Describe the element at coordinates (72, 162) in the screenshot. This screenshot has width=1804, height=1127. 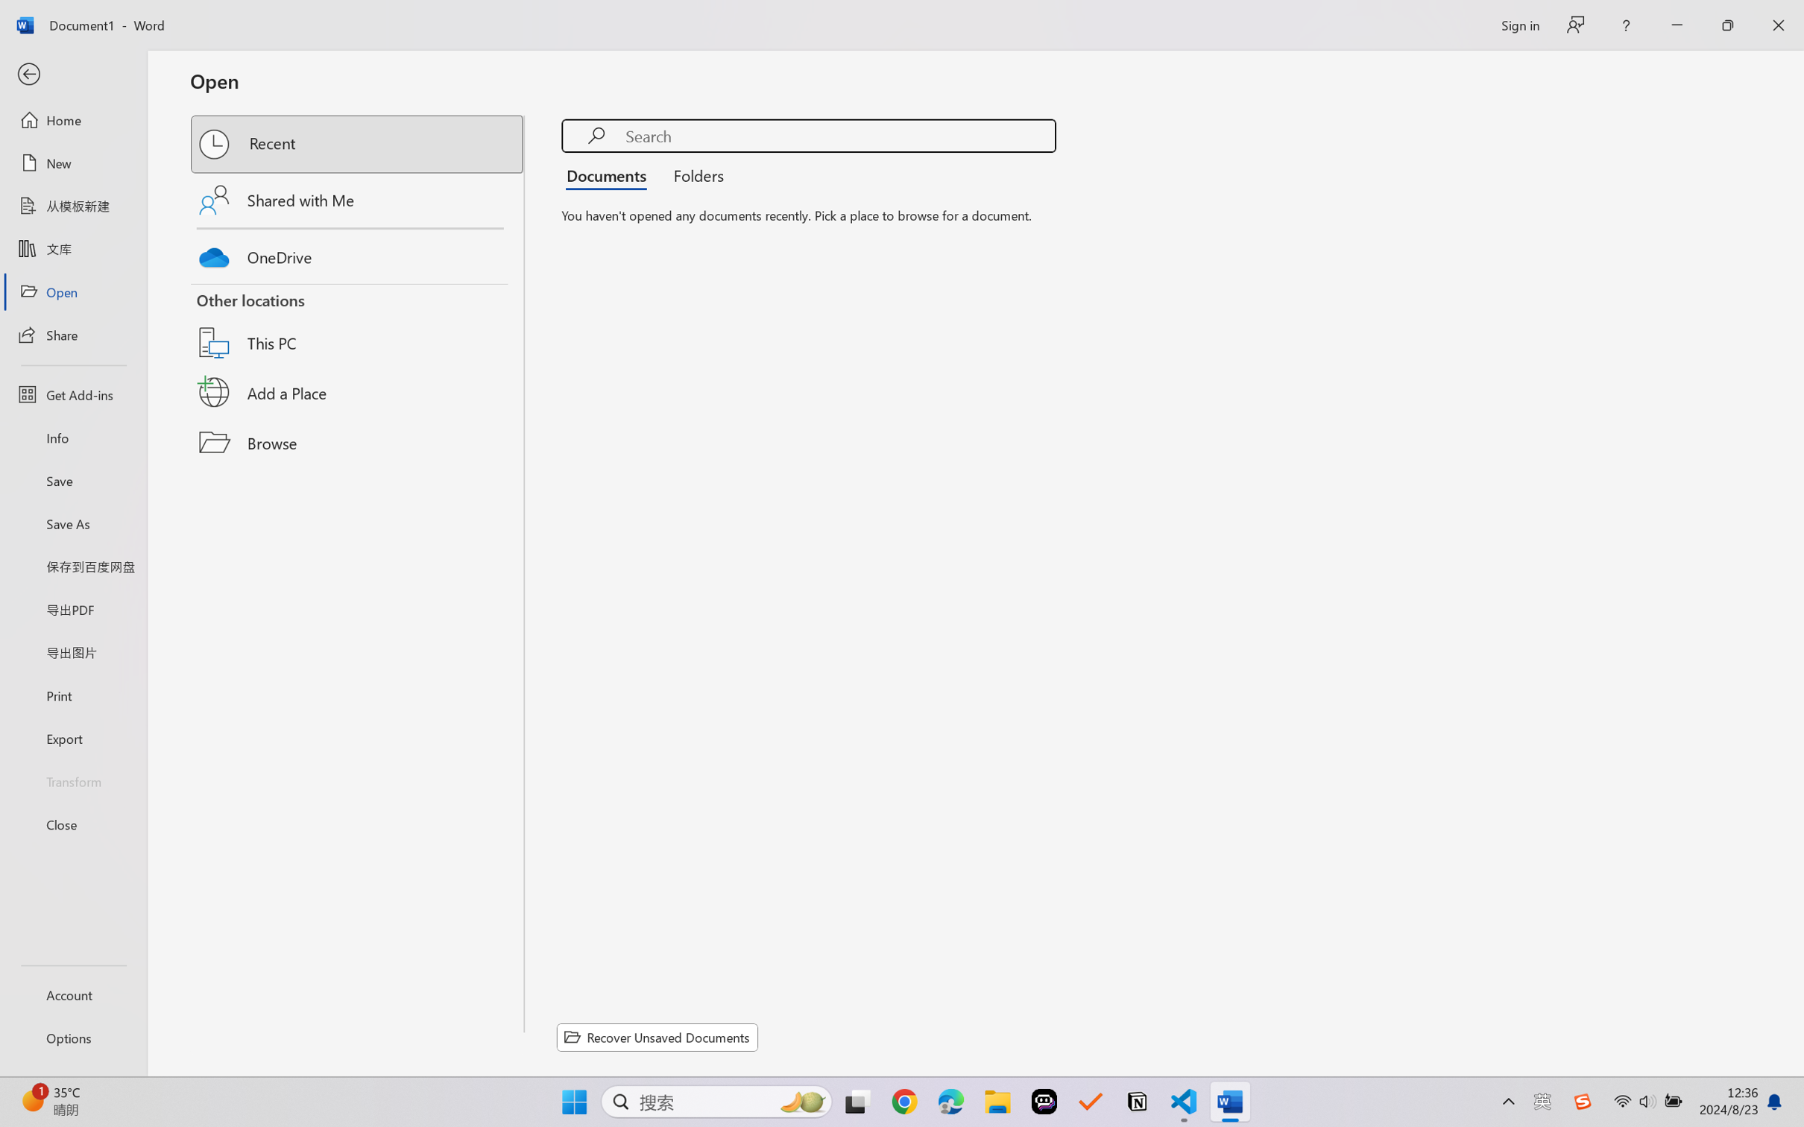
I see `'New'` at that location.